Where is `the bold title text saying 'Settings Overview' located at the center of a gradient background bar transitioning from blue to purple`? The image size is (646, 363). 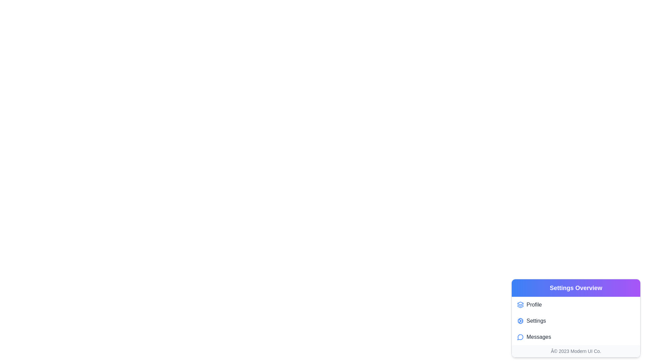 the bold title text saying 'Settings Overview' located at the center of a gradient background bar transitioning from blue to purple is located at coordinates (576, 287).